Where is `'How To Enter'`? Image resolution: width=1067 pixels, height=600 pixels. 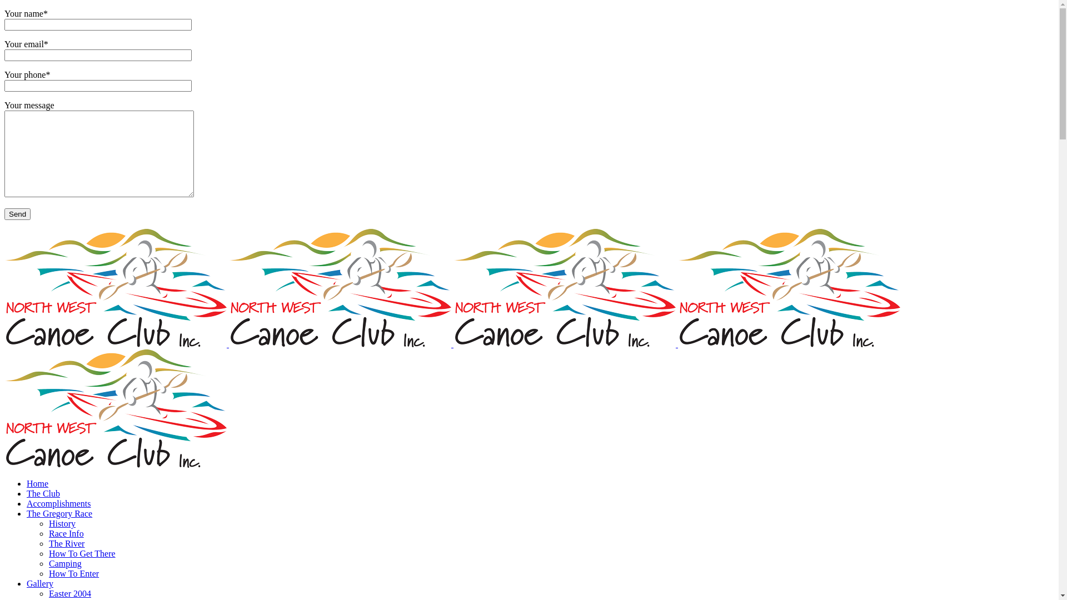
'How To Enter' is located at coordinates (73, 573).